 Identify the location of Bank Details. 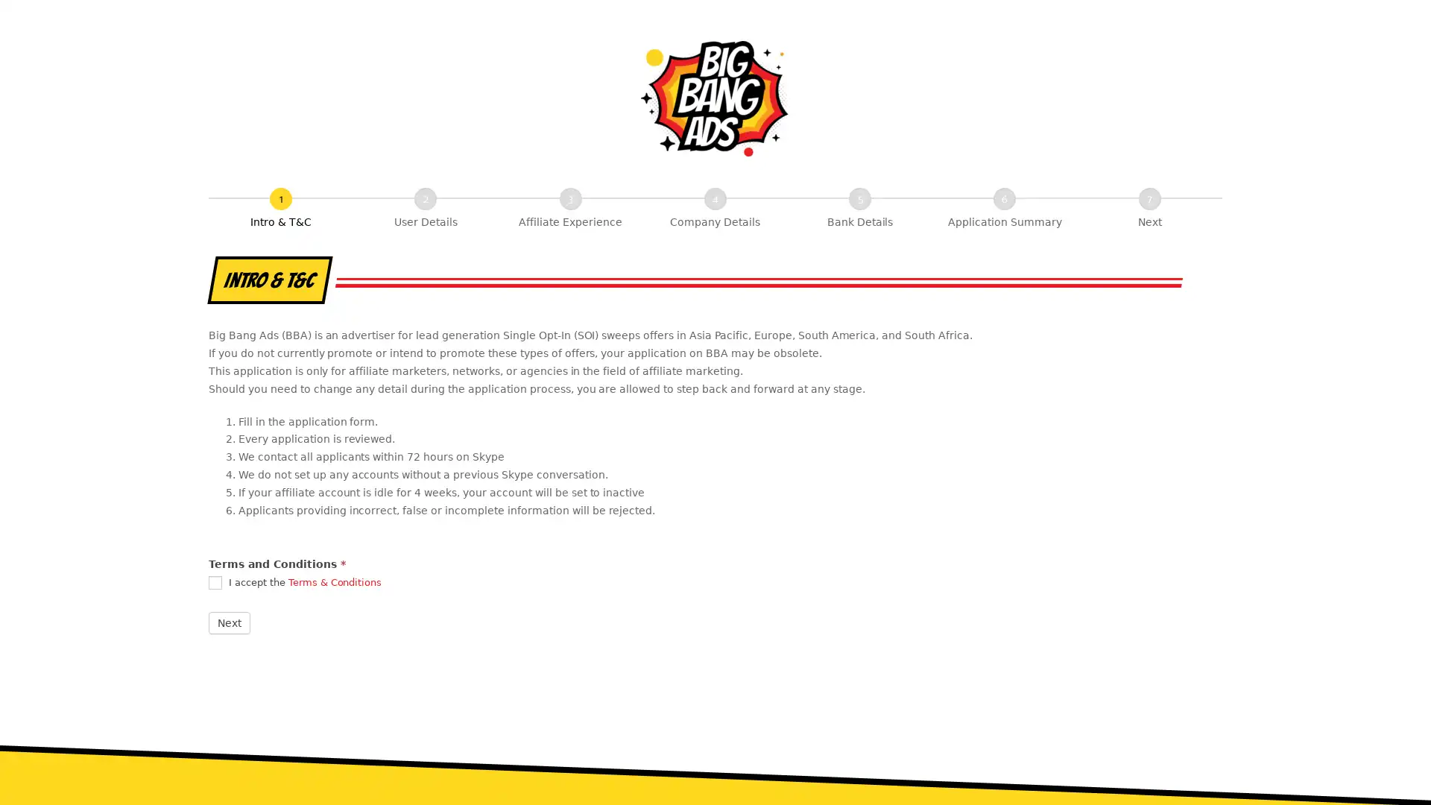
(859, 198).